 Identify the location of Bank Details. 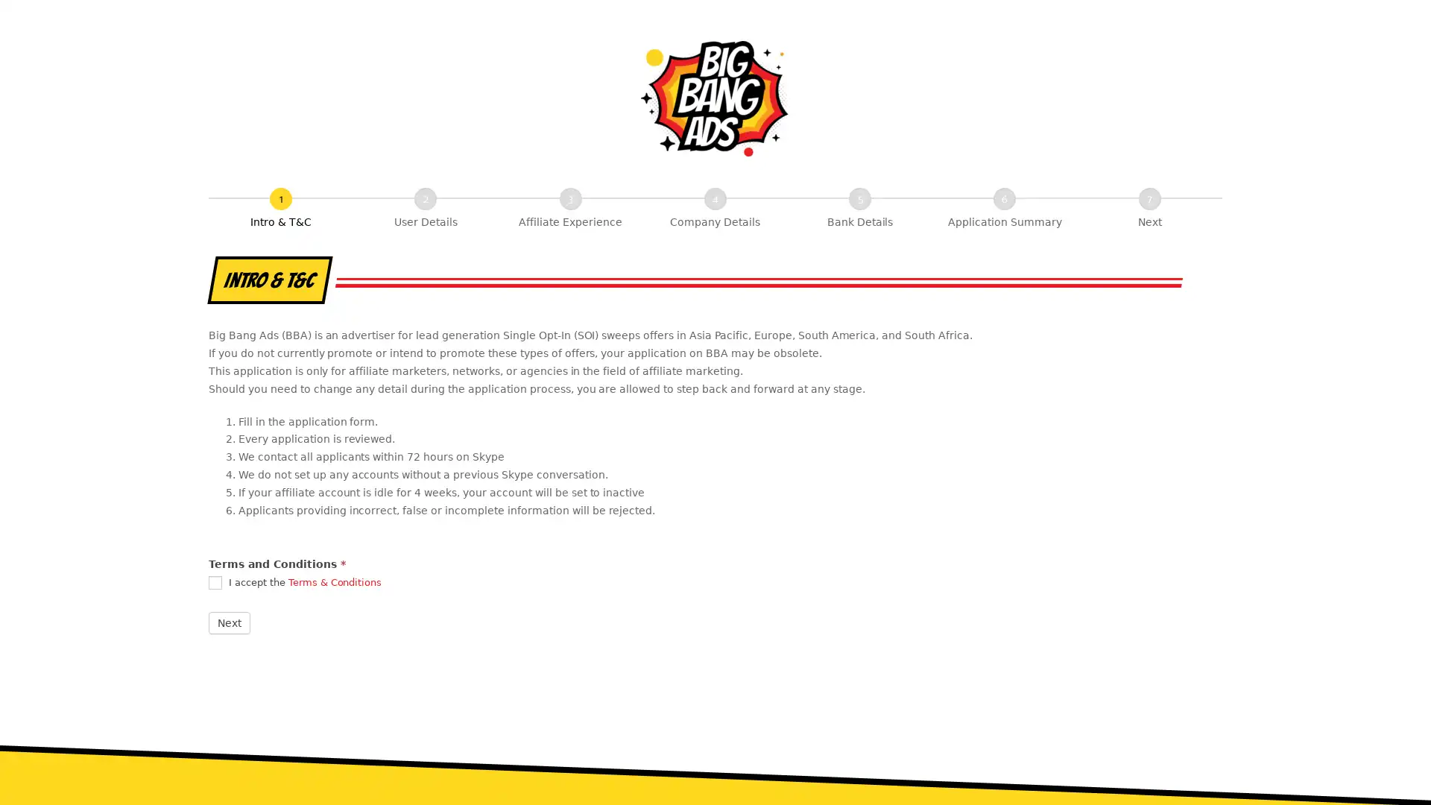
(859, 198).